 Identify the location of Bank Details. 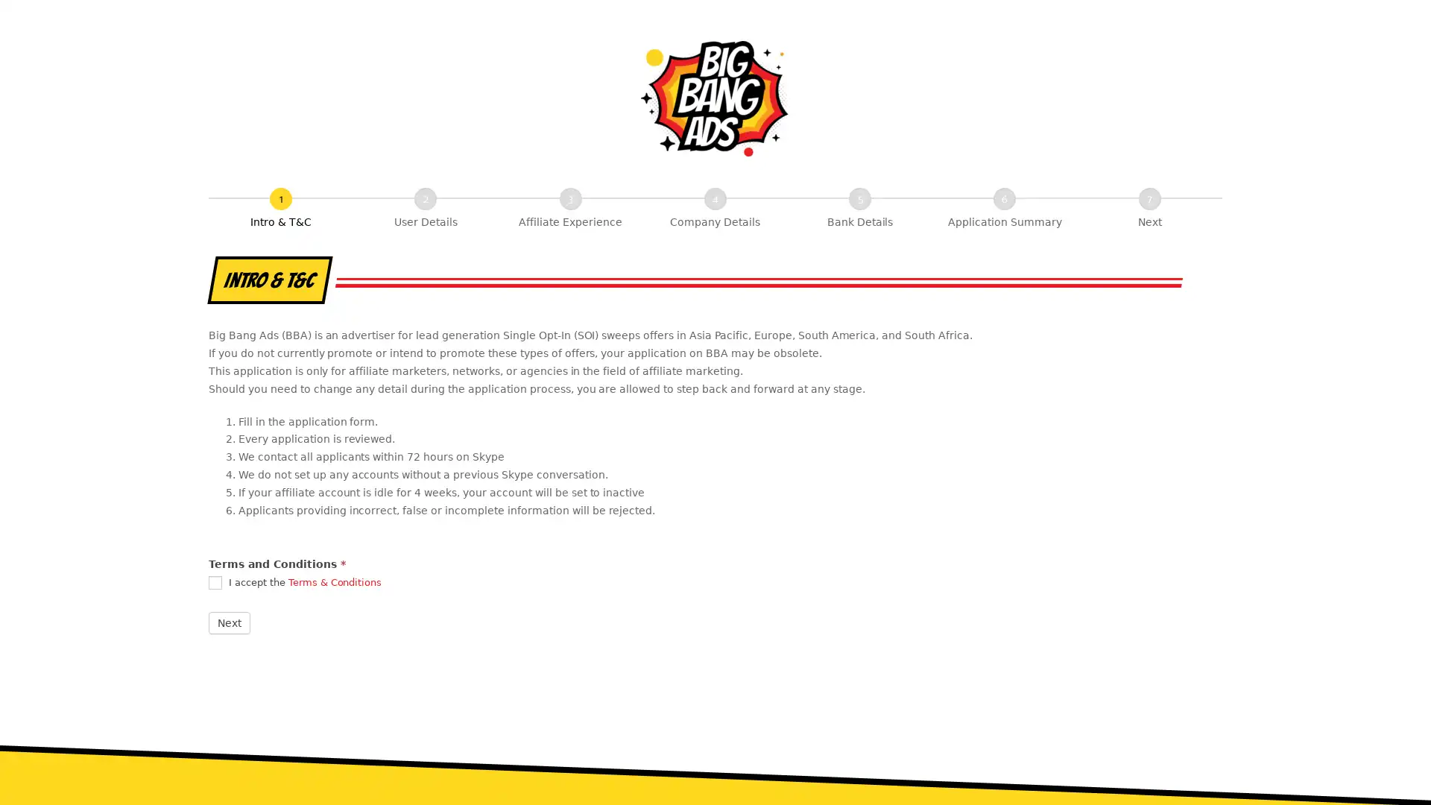
(859, 198).